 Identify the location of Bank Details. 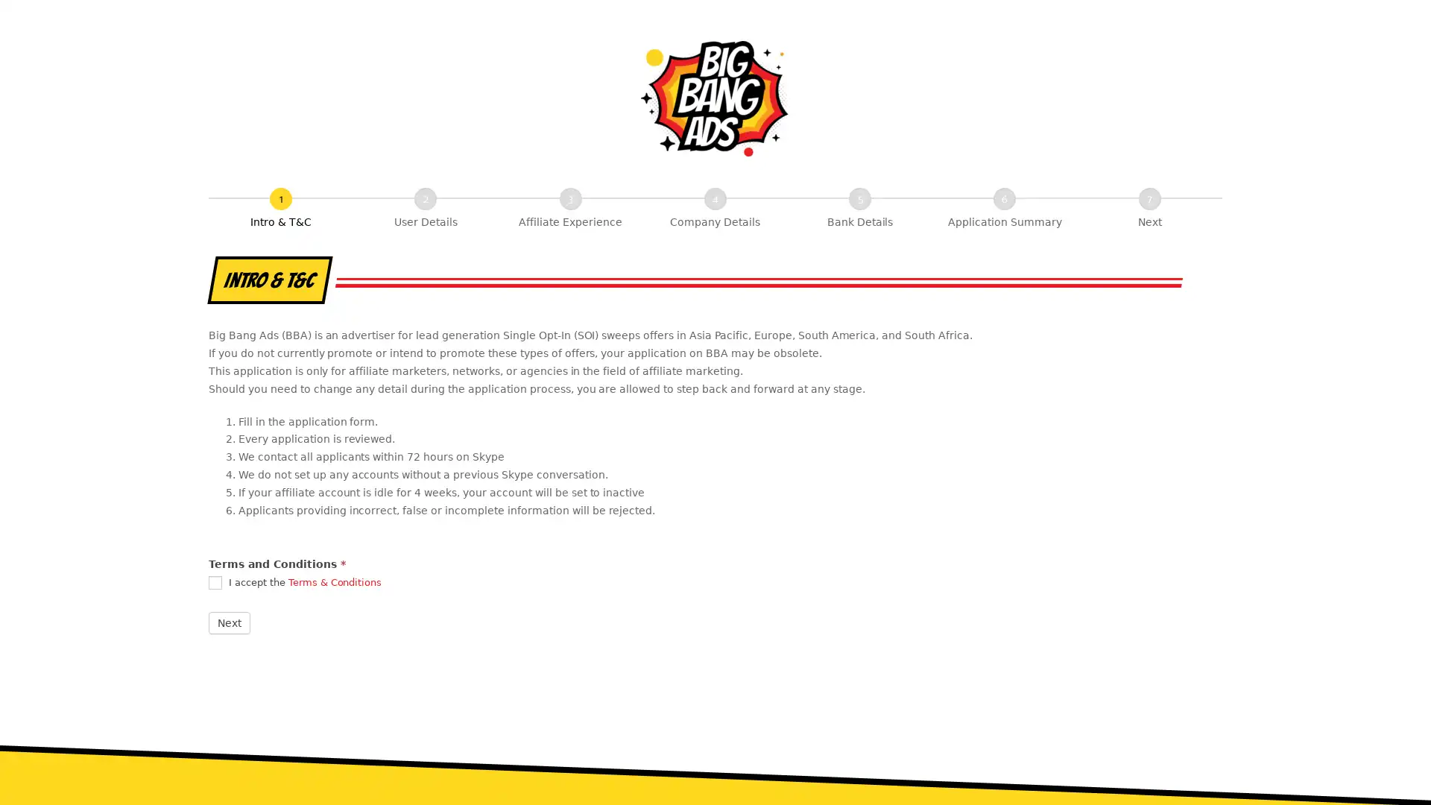
(859, 198).